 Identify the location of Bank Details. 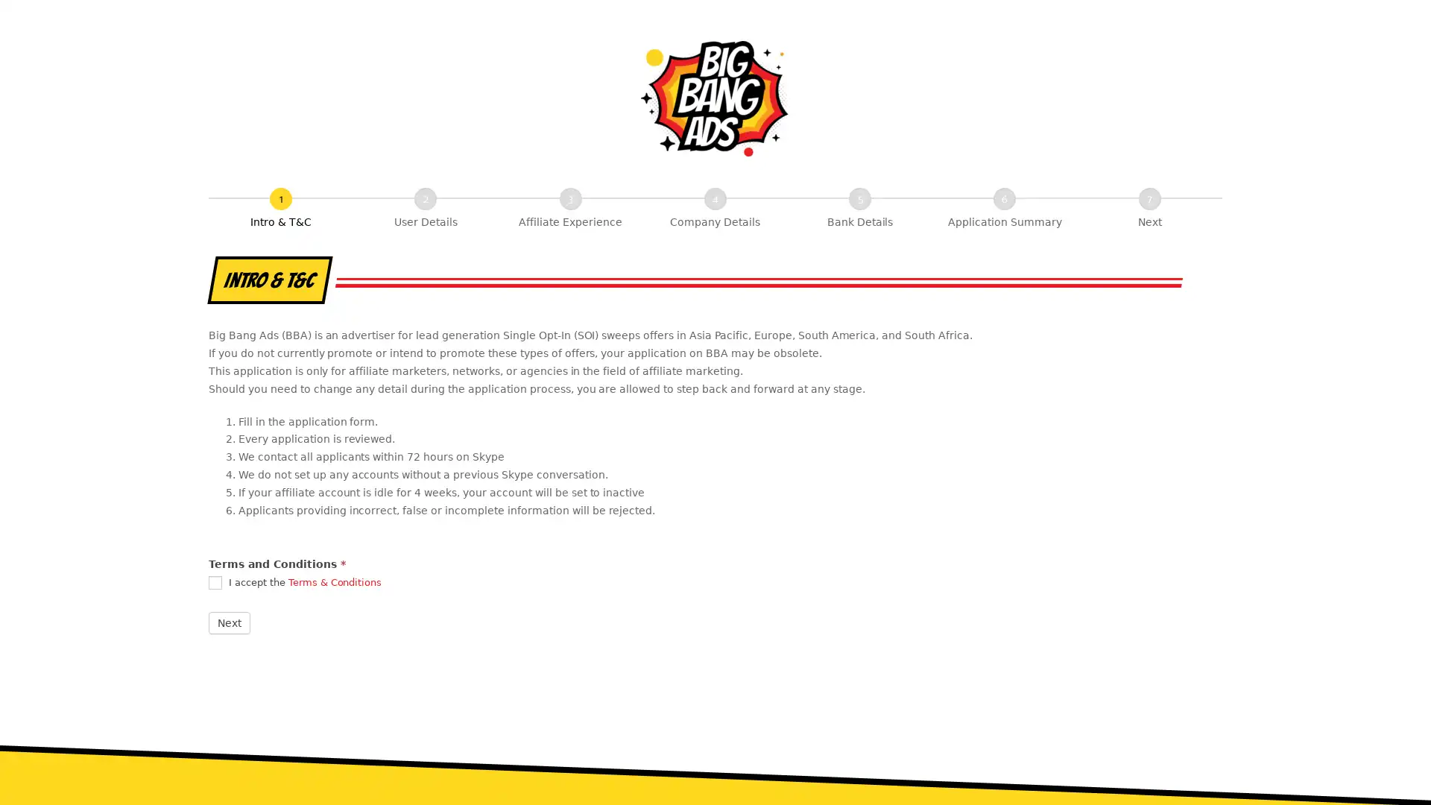
(859, 198).